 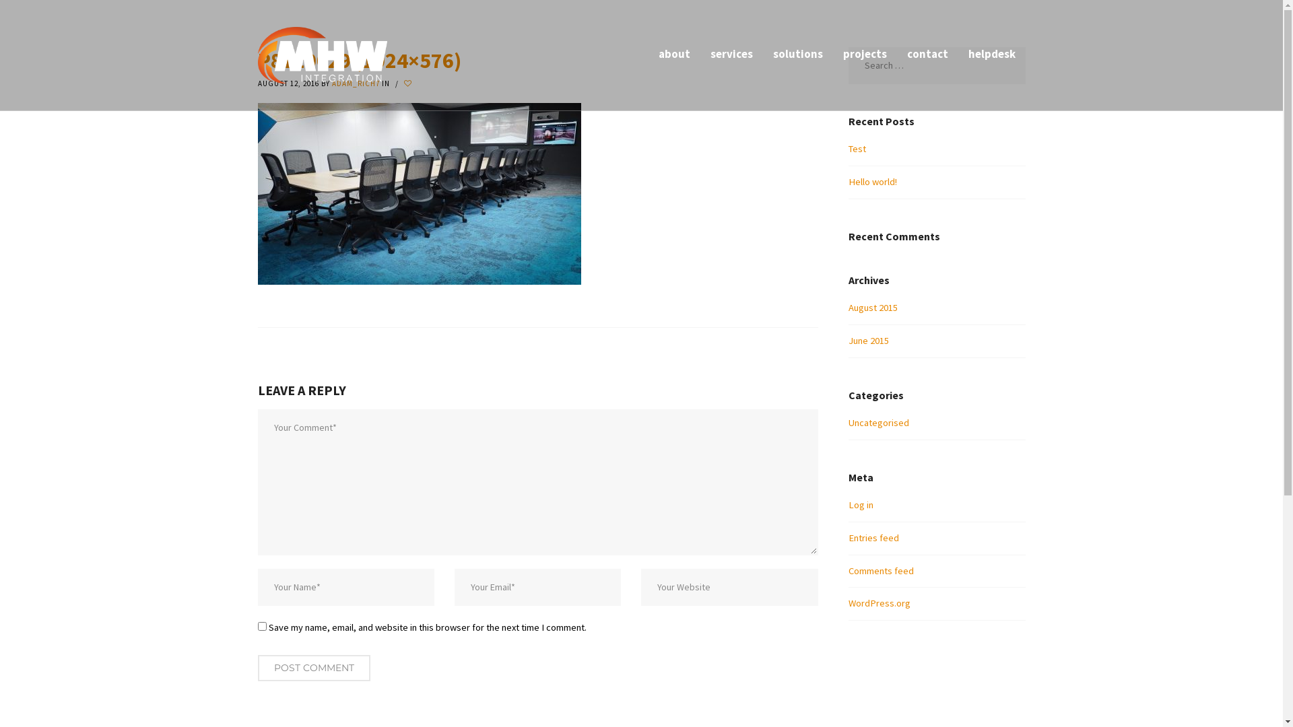 What do you see at coordinates (873, 182) in the screenshot?
I see `'Hello world!'` at bounding box center [873, 182].